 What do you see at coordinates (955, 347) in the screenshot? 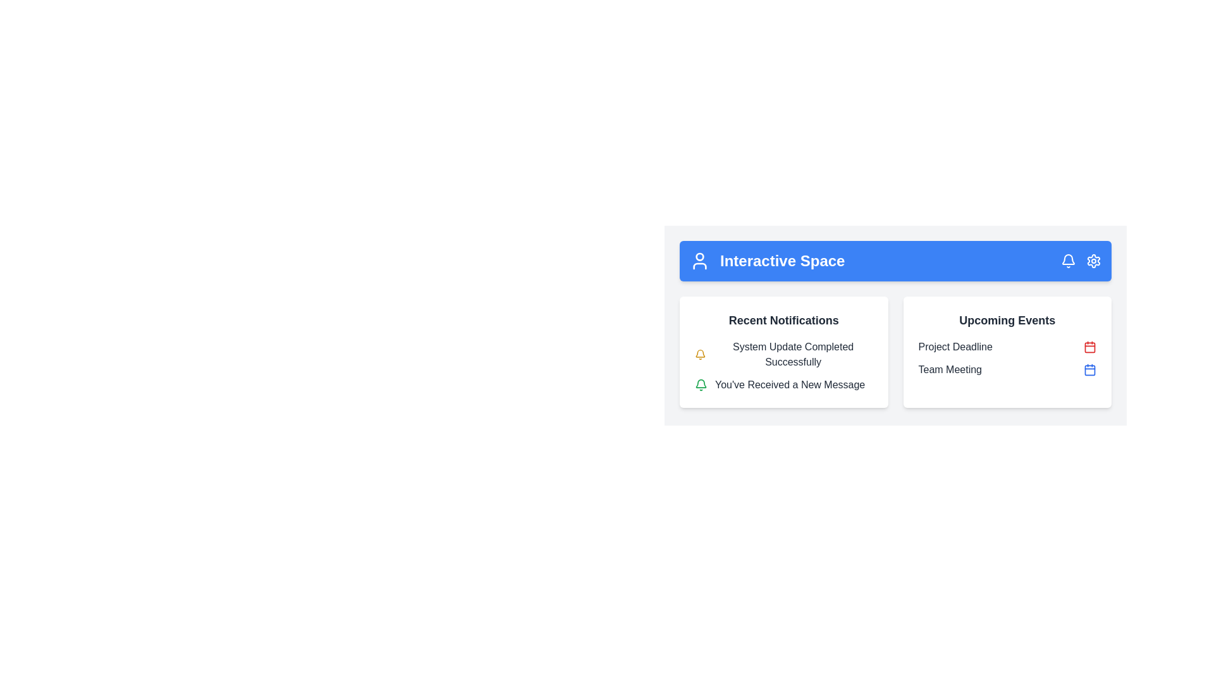
I see `the text label 'Project Deadline', which identifies the associated content or event in the upcoming events list` at bounding box center [955, 347].